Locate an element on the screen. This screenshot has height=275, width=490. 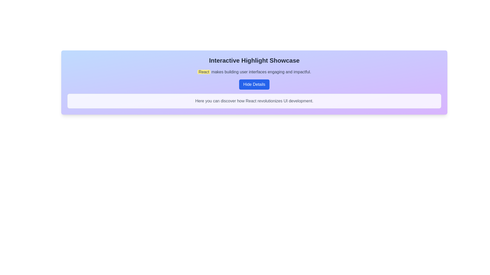
the static text element that communicates information about React's role in revolutionizing UI development, which is centrally positioned within a white card in the lower section of a gradient-colored interface is located at coordinates (254, 101).